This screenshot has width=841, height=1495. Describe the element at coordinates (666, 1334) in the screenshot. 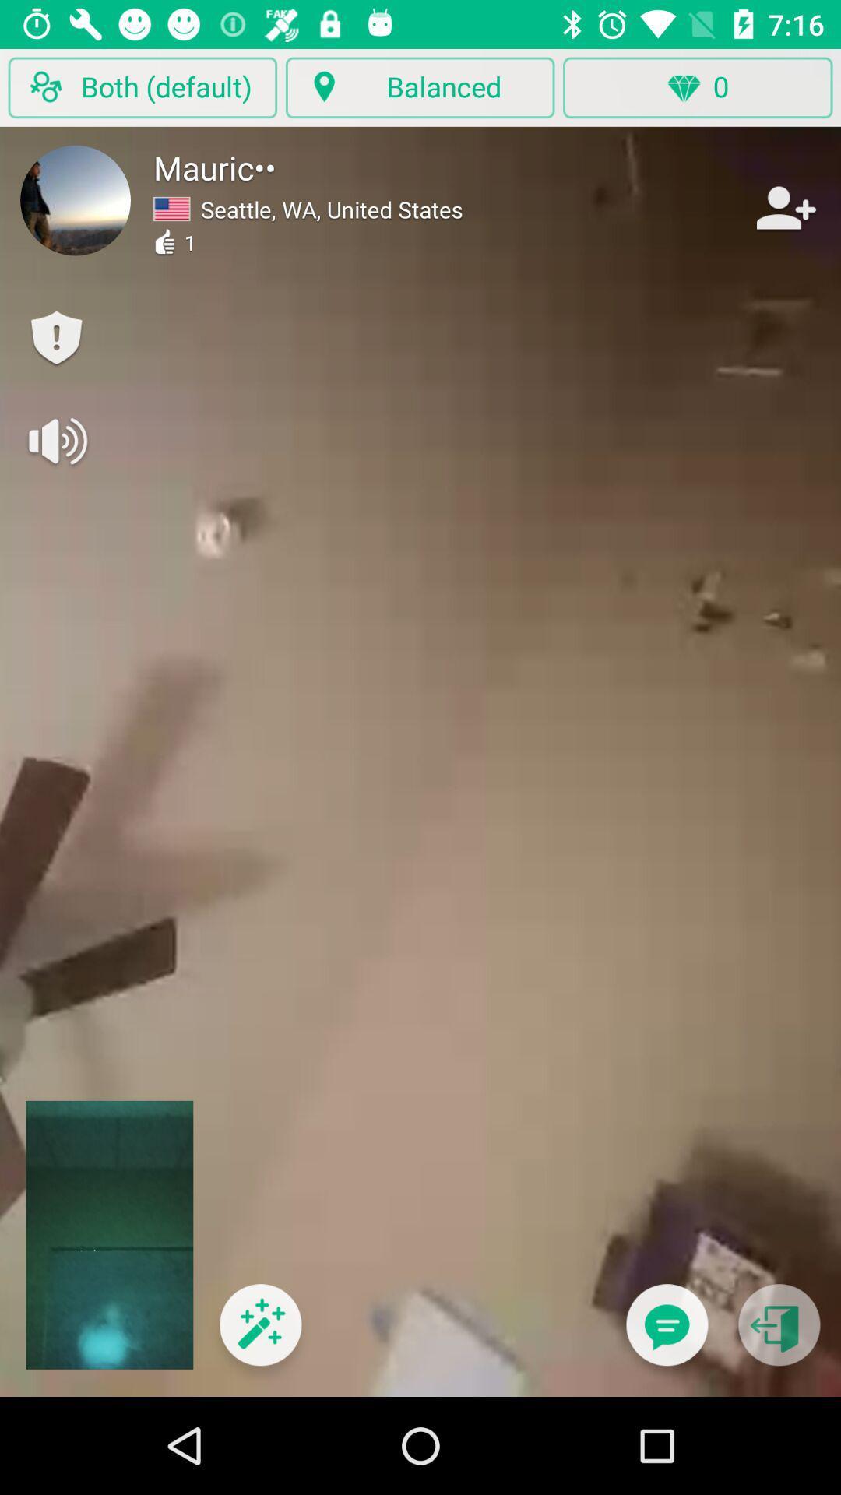

I see `the item below 0` at that location.